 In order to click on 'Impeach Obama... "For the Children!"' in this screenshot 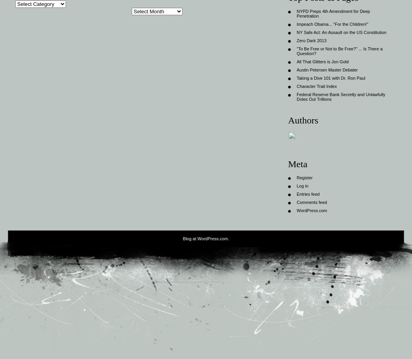, I will do `click(332, 24)`.